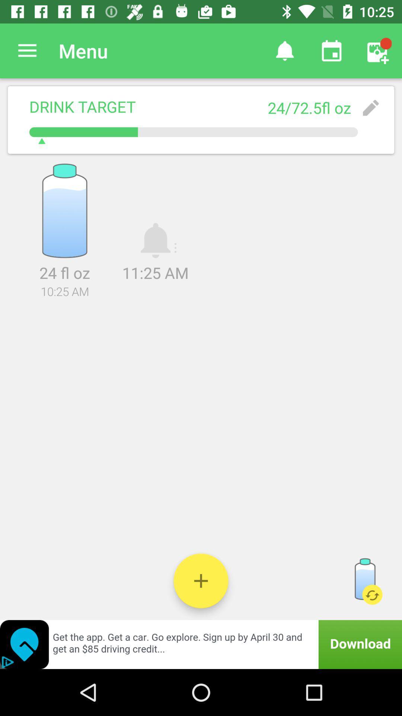 This screenshot has width=402, height=716. Describe the element at coordinates (284, 50) in the screenshot. I see `the item to the right of menu icon` at that location.